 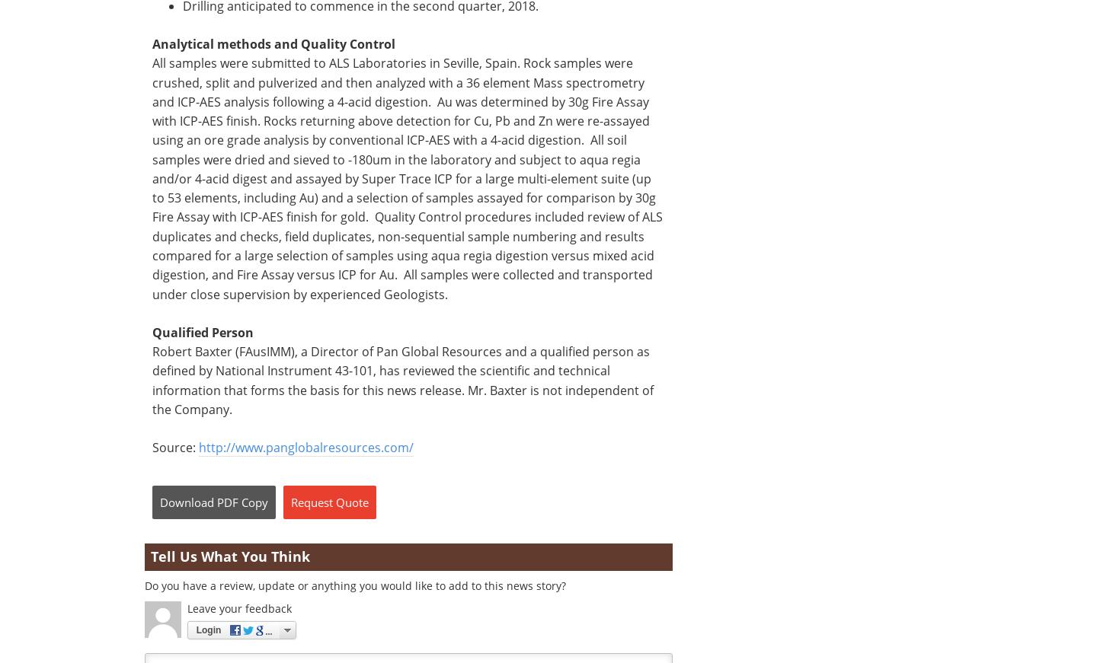 What do you see at coordinates (242, 501) in the screenshot?
I see `'PDF Copy'` at bounding box center [242, 501].